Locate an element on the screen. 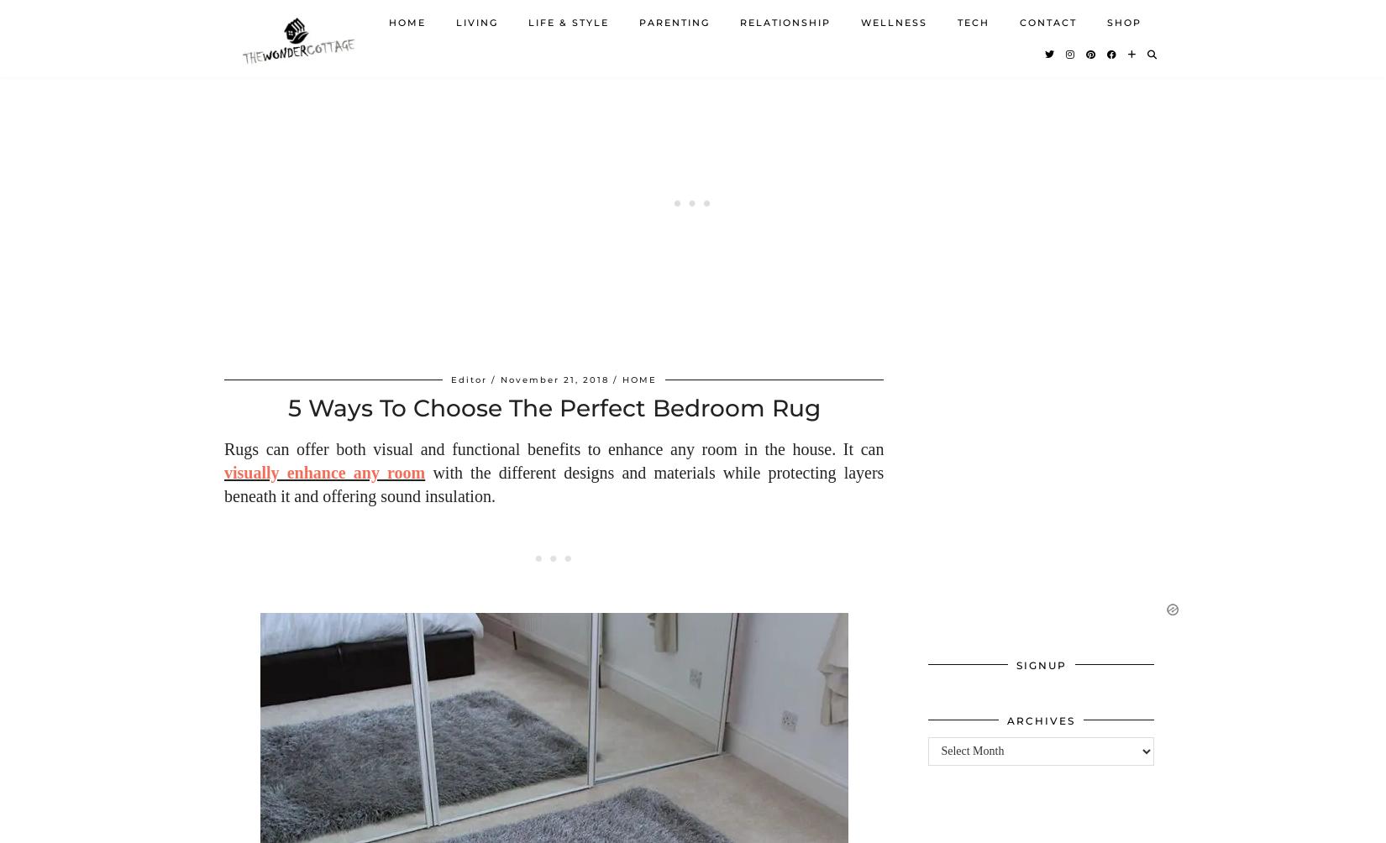 The height and width of the screenshot is (843, 1386). 'RELATIONSHIP' is located at coordinates (785, 31).